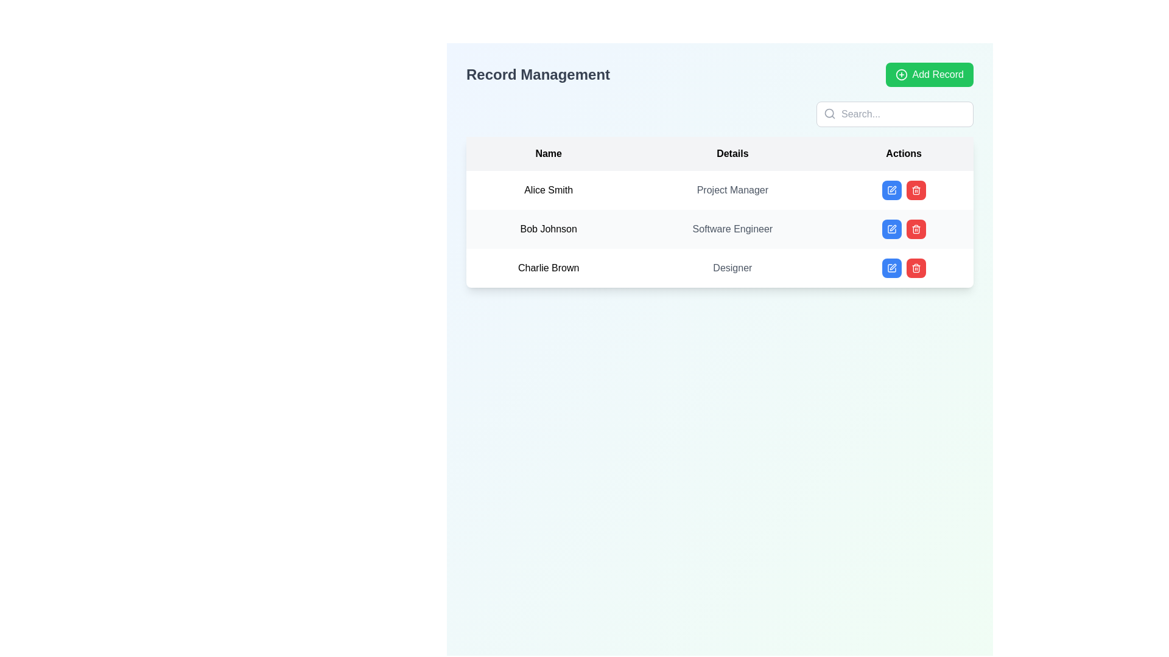  I want to click on the edit icon button located in the rightmost column of the table under the 'Actions' header, so click(891, 229).